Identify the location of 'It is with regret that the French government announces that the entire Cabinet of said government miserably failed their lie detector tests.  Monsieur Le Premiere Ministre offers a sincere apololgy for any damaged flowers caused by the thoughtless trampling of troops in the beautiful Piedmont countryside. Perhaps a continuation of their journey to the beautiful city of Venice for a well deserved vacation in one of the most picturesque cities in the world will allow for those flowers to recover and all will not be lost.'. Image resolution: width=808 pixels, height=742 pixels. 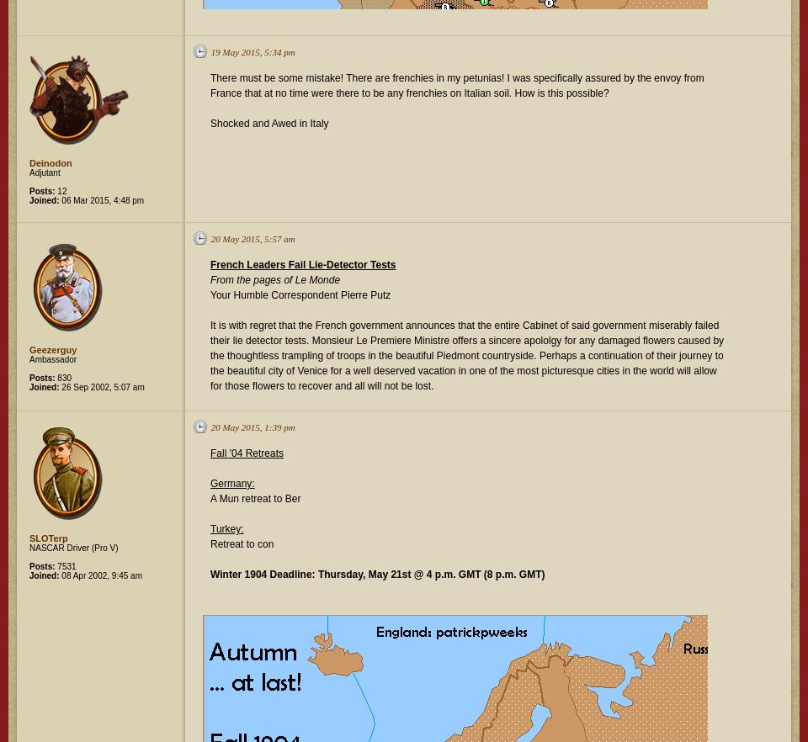
(466, 355).